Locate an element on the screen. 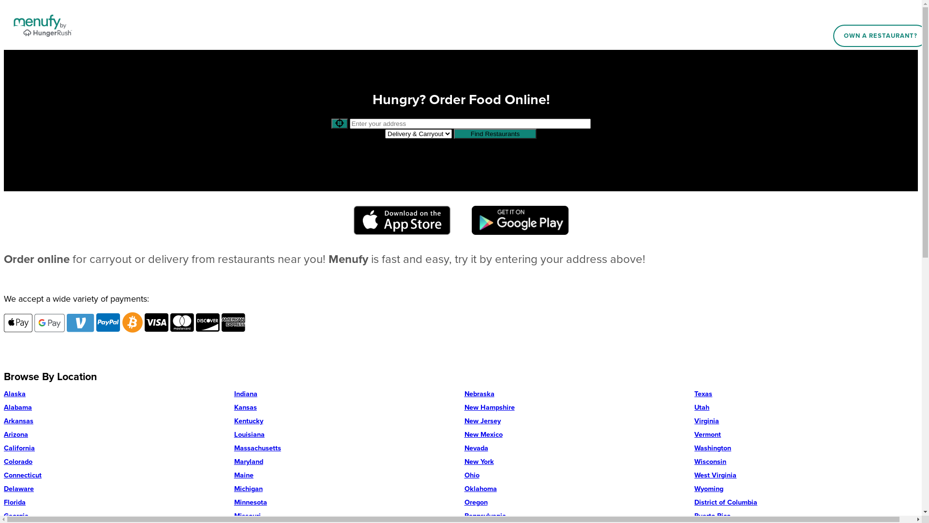 The image size is (929, 523). 'Oklahoma' is located at coordinates (464, 489).